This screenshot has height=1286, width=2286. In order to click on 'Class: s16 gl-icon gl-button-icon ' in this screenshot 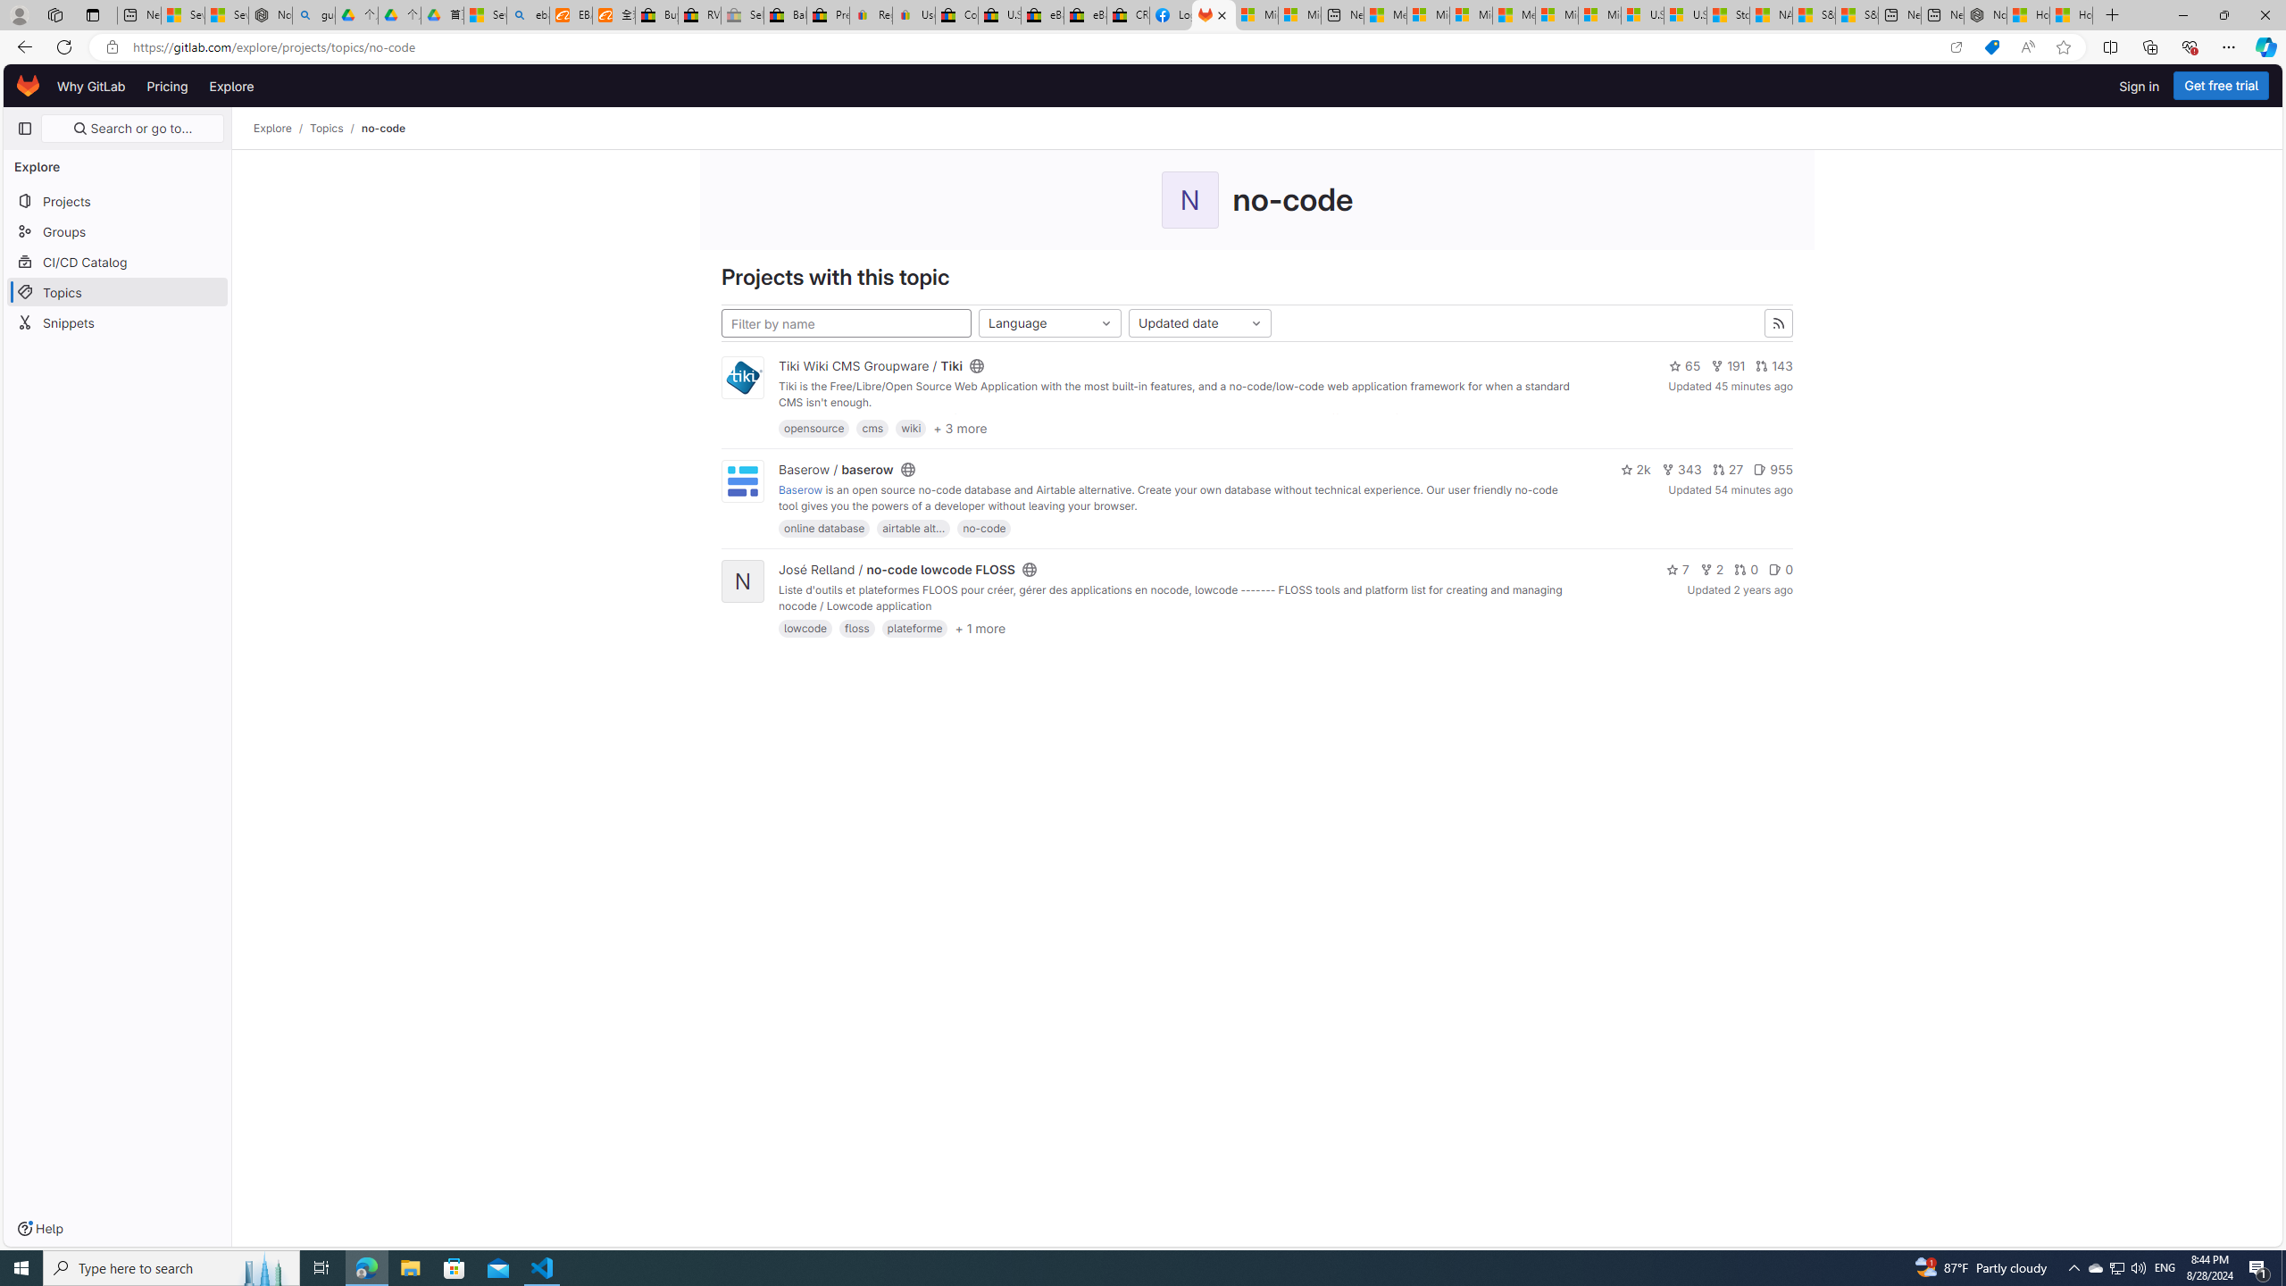, I will do `click(1777, 322)`.